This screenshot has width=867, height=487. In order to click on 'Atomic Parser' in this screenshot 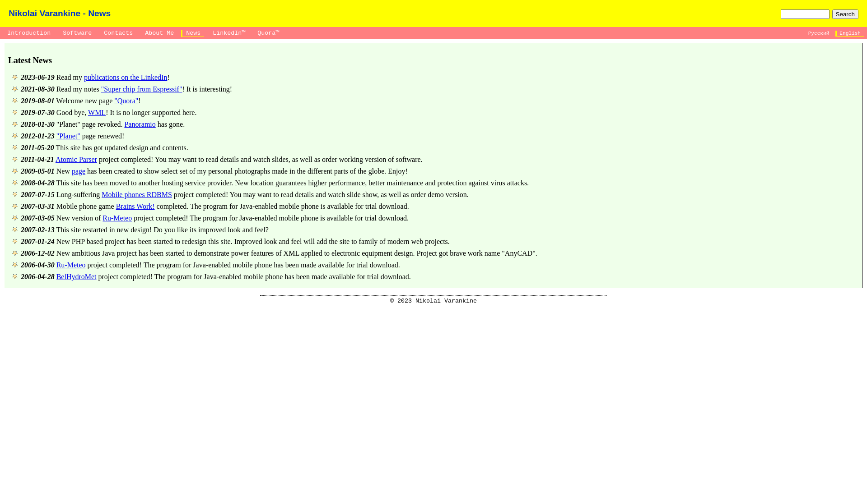, I will do `click(76, 159)`.